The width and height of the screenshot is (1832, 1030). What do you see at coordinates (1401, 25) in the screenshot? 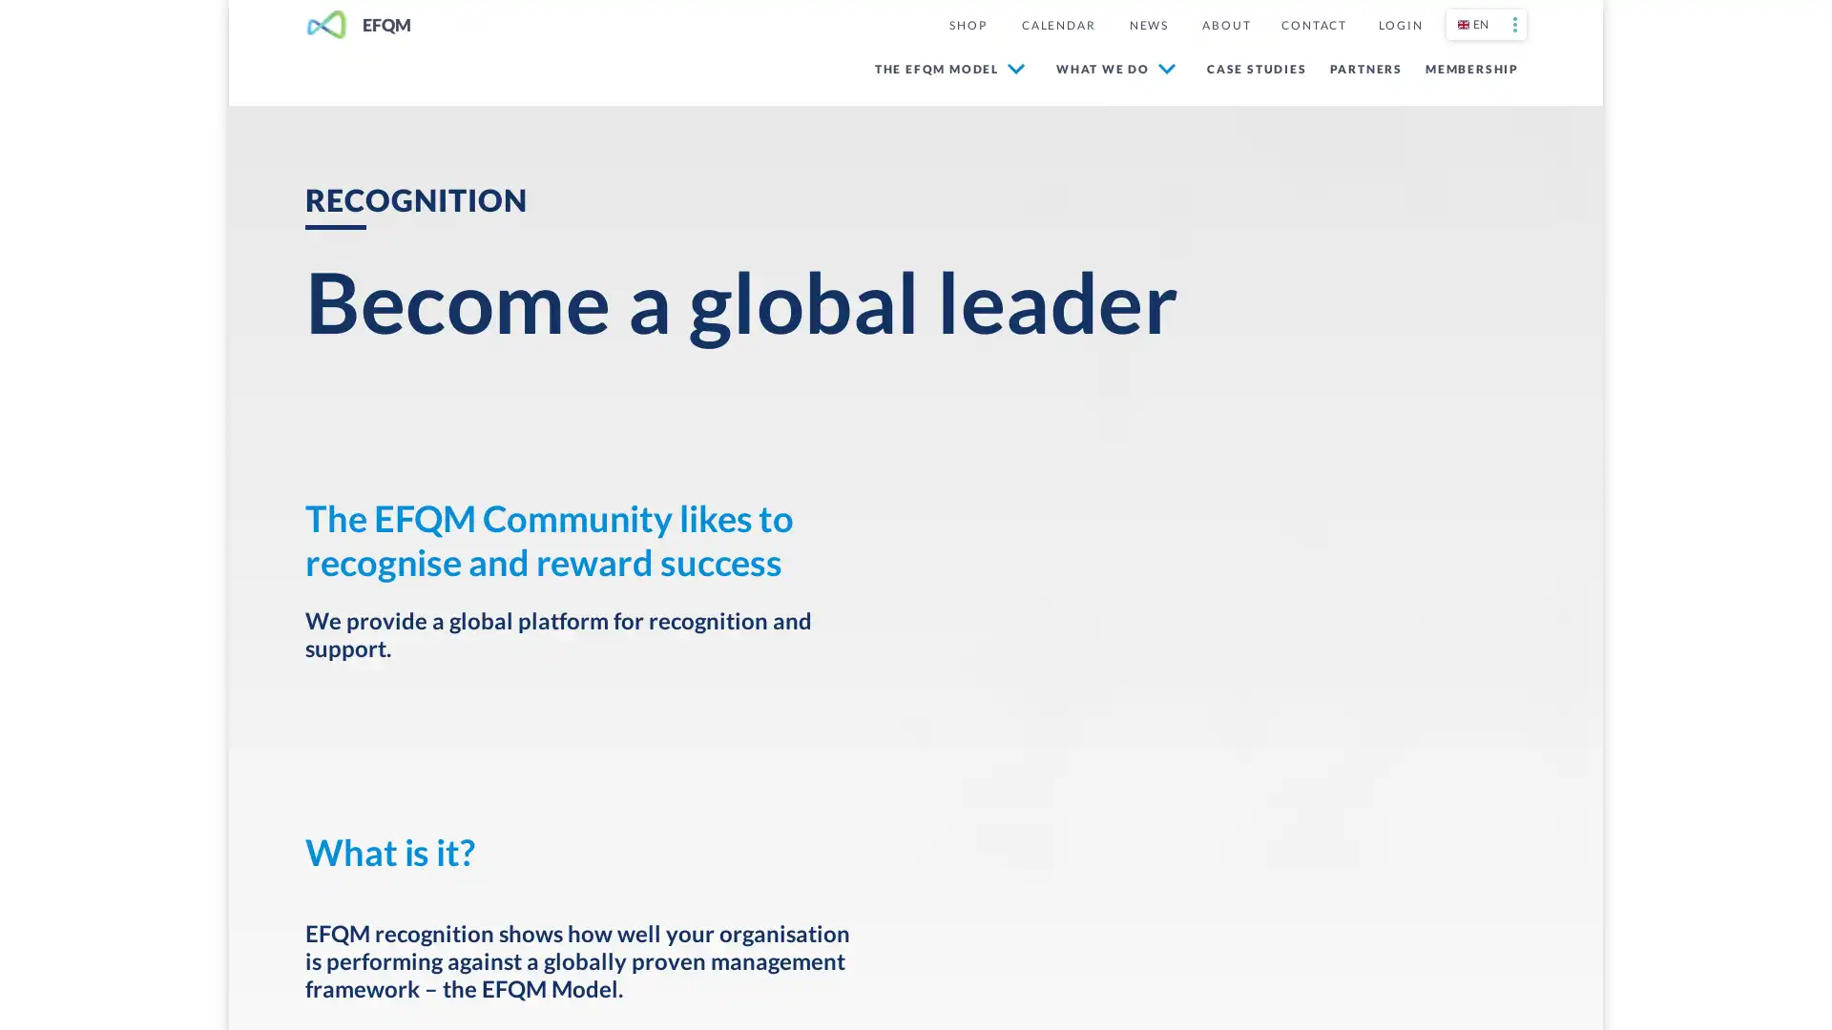
I see `LOGIN` at bounding box center [1401, 25].